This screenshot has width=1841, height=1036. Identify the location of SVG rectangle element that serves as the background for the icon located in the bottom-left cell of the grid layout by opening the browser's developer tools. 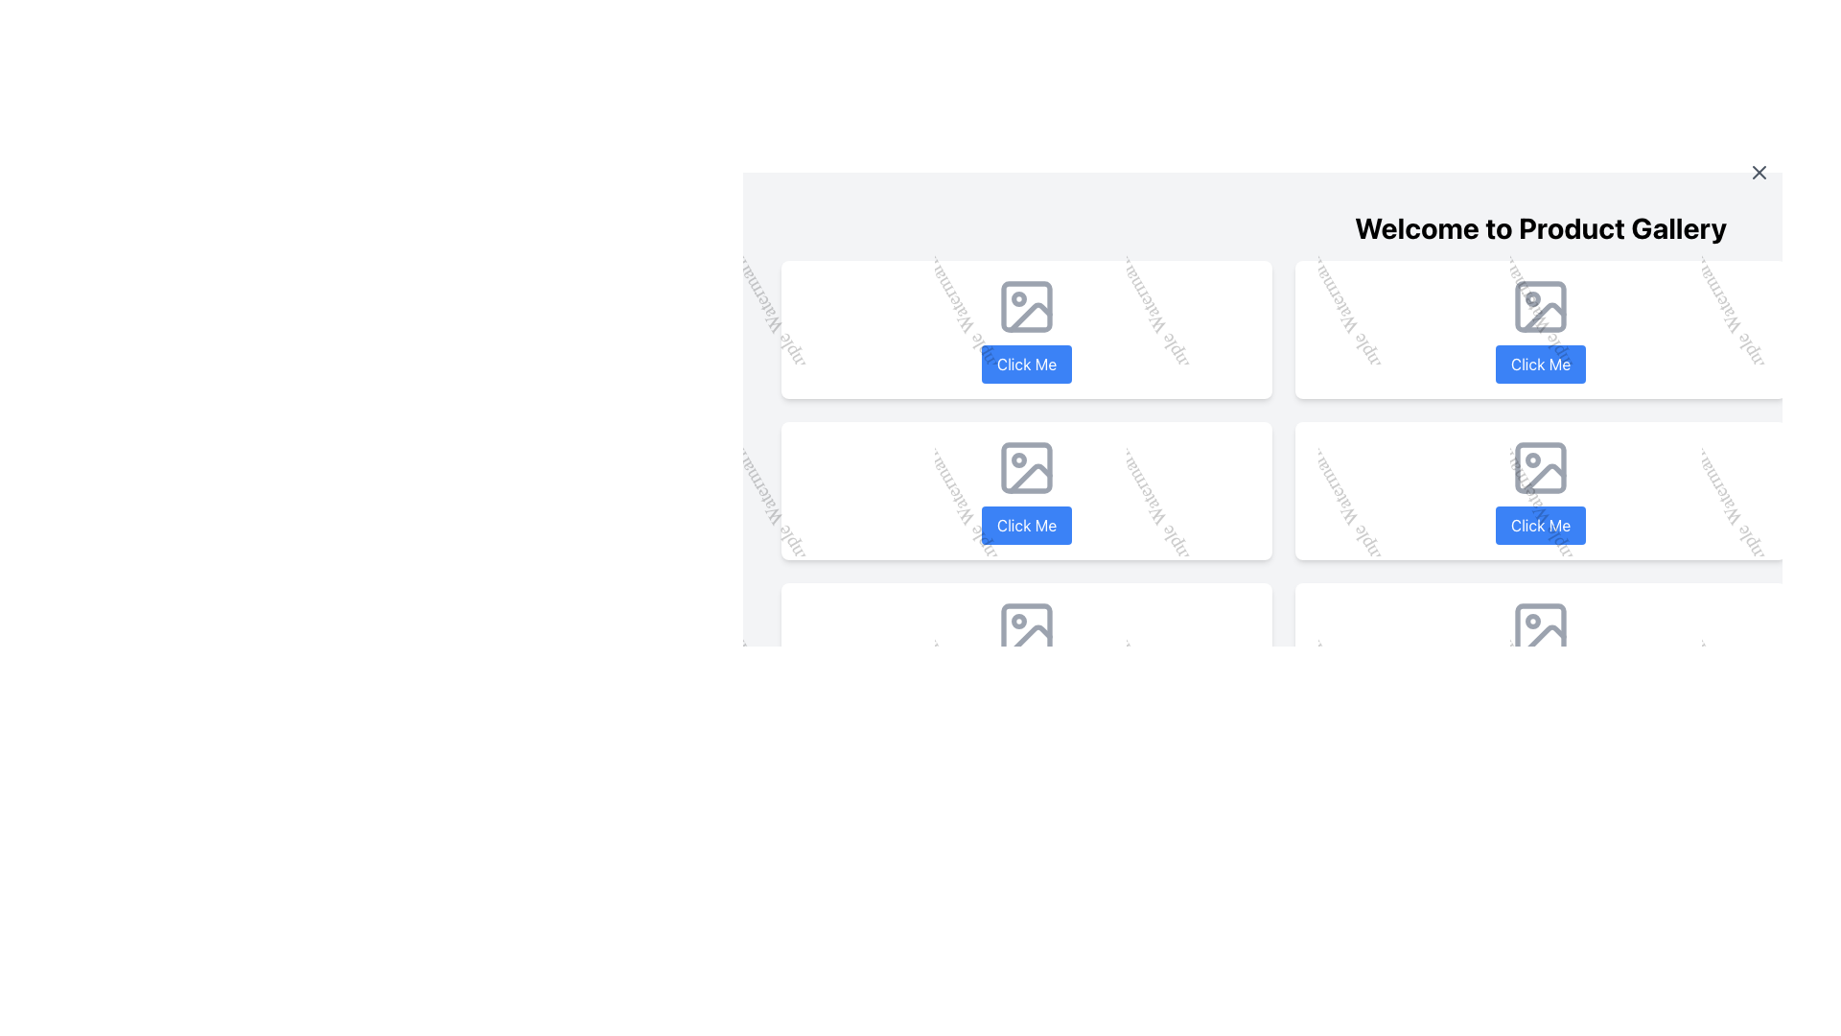
(1025, 628).